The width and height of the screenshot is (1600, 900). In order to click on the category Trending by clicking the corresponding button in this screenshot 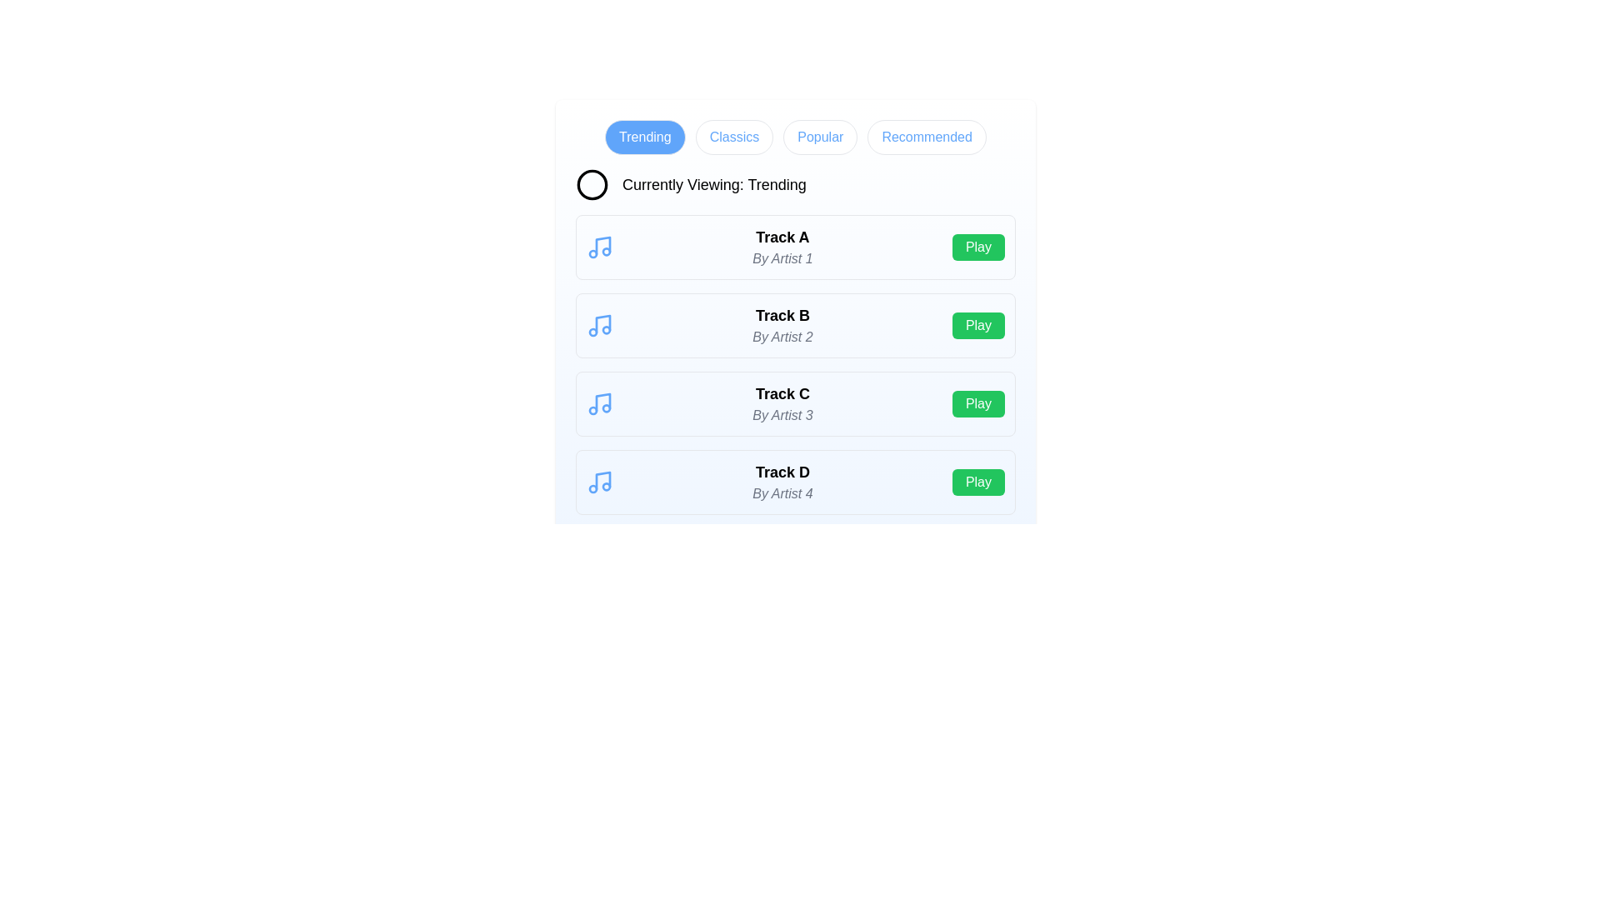, I will do `click(644, 137)`.